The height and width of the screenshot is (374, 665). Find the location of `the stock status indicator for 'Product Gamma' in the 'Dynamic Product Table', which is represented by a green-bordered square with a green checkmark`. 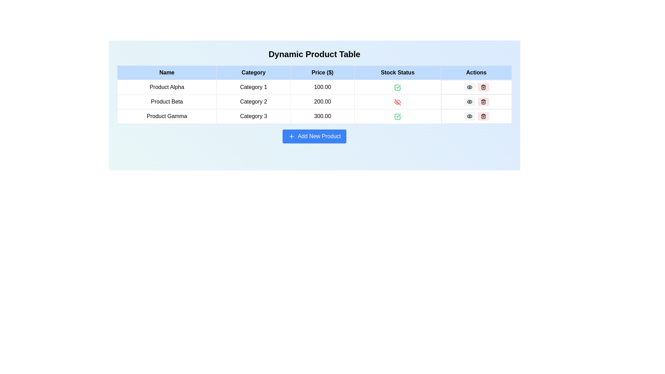

the stock status indicator for 'Product Gamma' in the 'Dynamic Product Table', which is represented by a green-bordered square with a green checkmark is located at coordinates (398, 116).